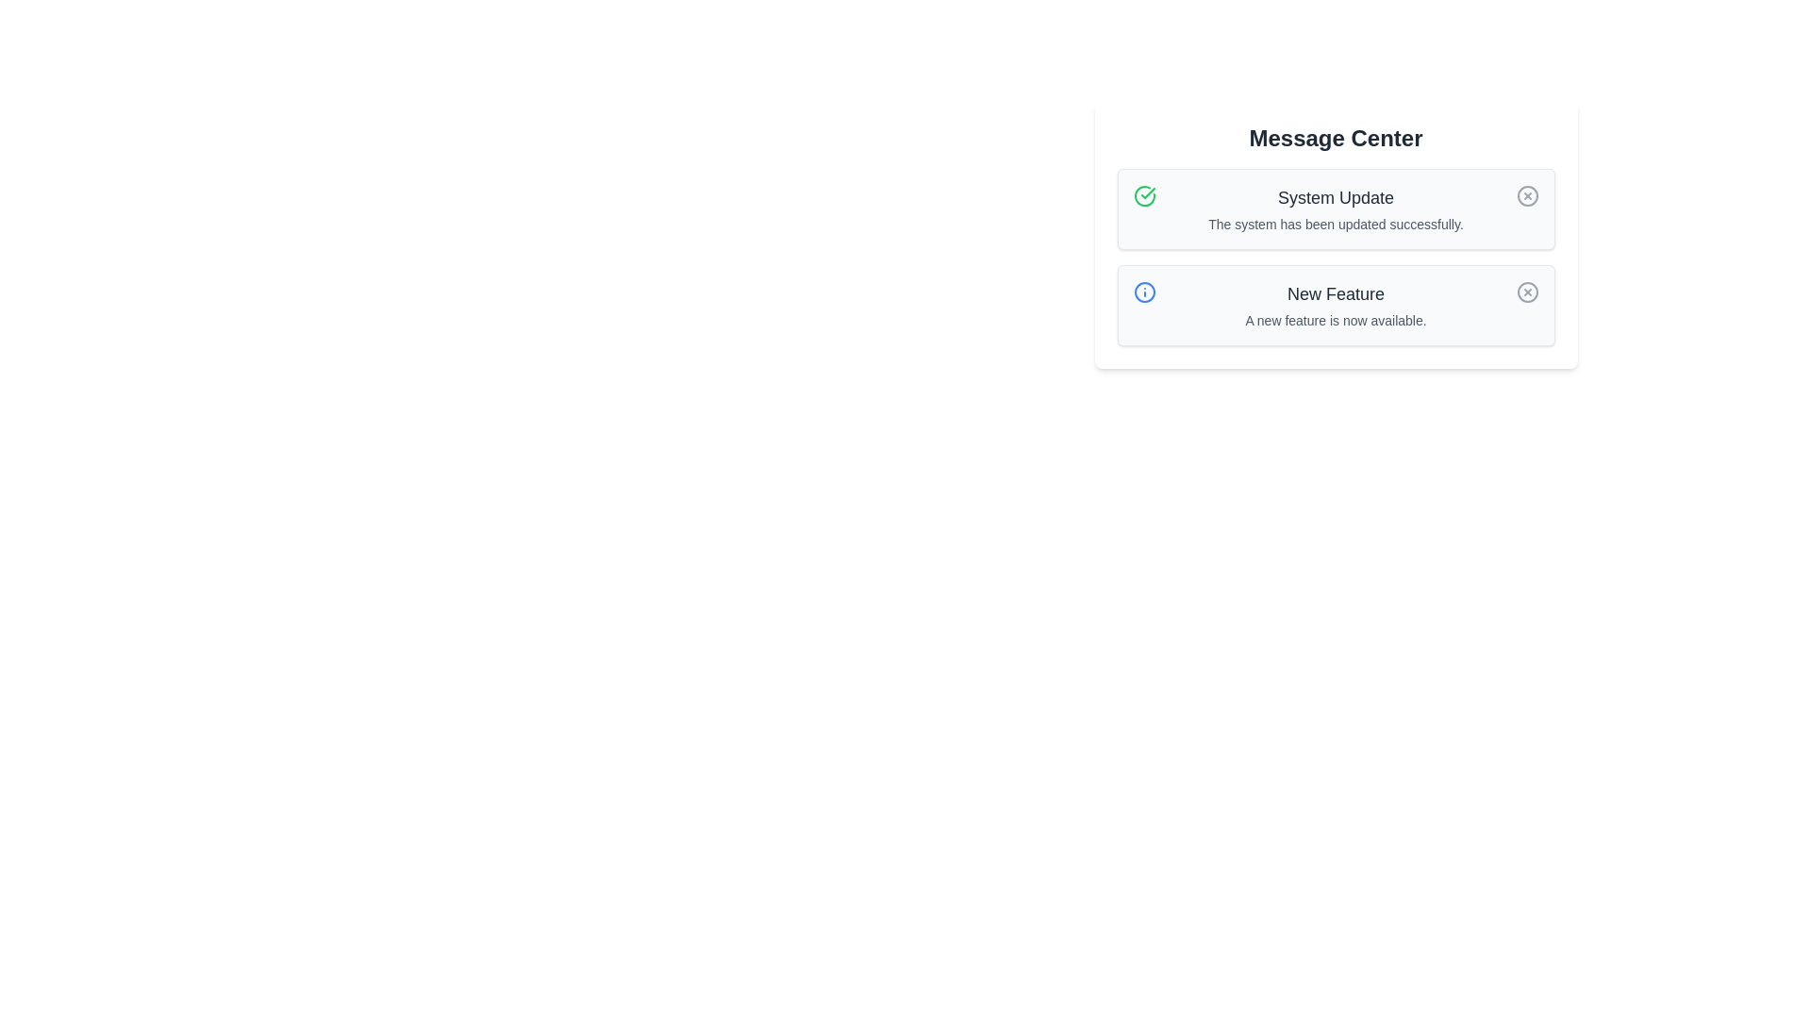 The width and height of the screenshot is (1811, 1019). What do you see at coordinates (1143, 292) in the screenshot?
I see `the Circle SVG graphic element that is part of the information icon in the 'New Feature' message section of the 'Message Center' interface` at bounding box center [1143, 292].